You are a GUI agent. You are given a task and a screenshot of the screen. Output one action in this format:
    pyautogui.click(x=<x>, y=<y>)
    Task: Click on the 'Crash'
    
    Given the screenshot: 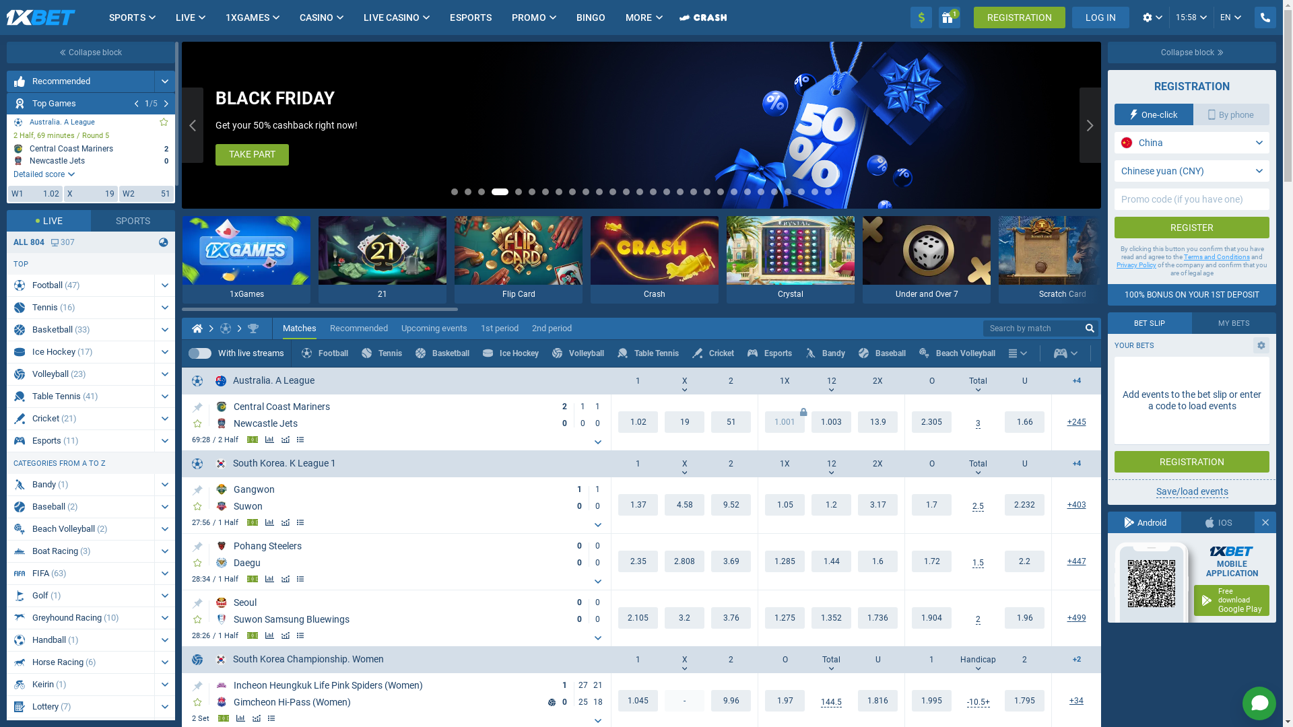 What is the action you would take?
    pyautogui.click(x=589, y=259)
    